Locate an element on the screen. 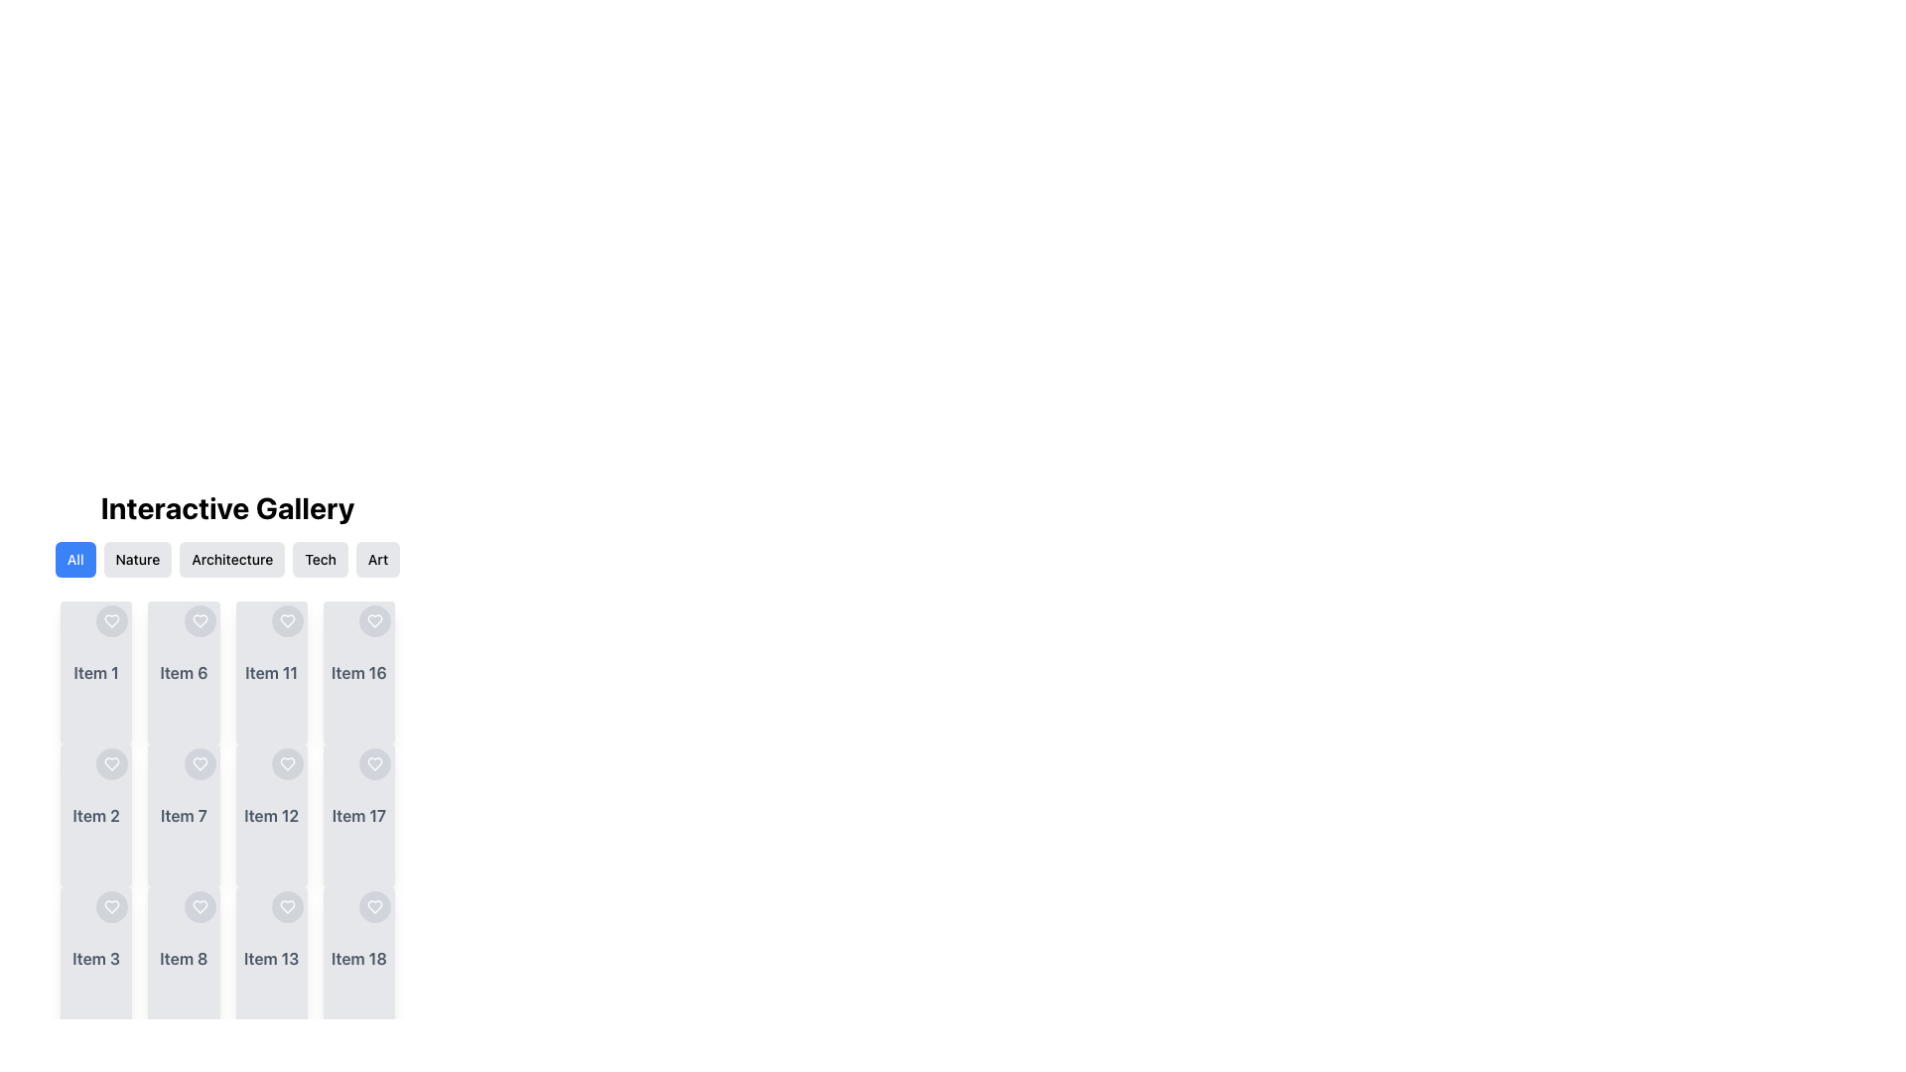 Image resolution: width=1906 pixels, height=1072 pixels. the 'View Details' button that contains a magnifying glass icon with a cross in its center is located at coordinates (151, 815).